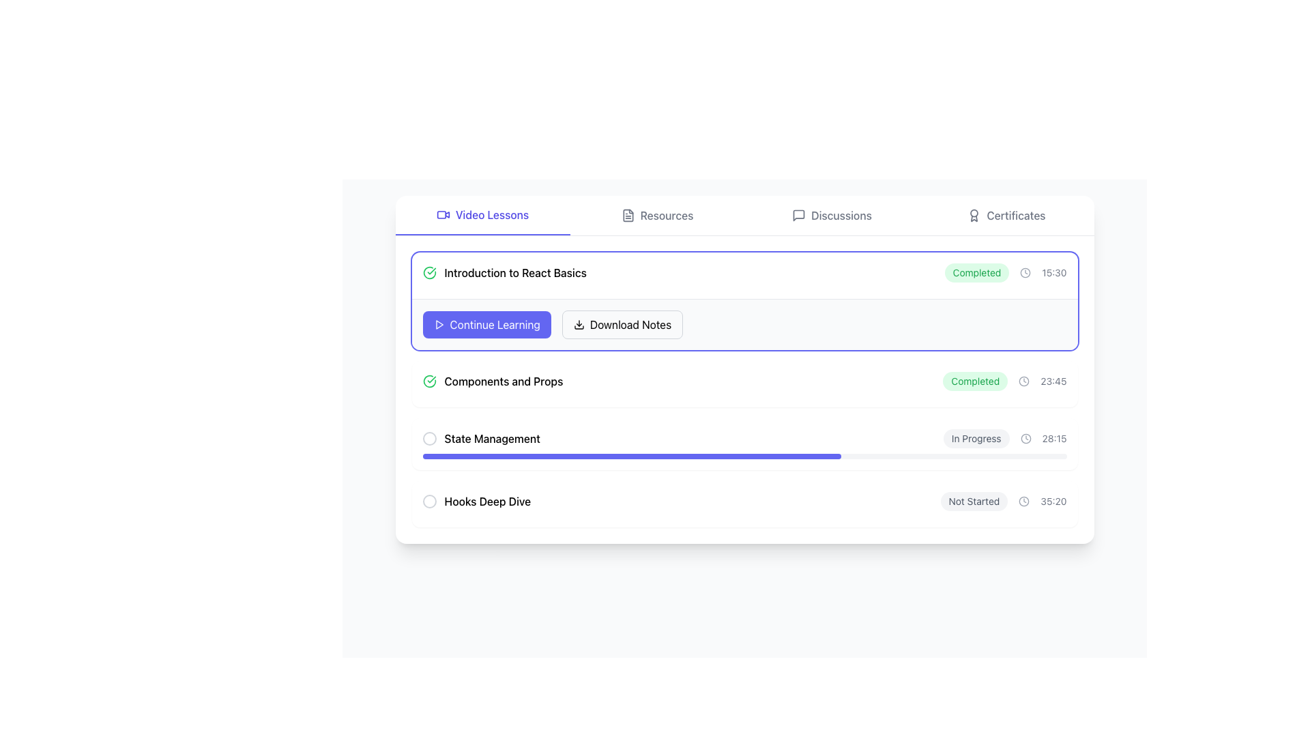 This screenshot has height=737, width=1310. Describe the element at coordinates (841, 215) in the screenshot. I see `the 'Discussions' text label located in the upper-right section of the navigation bar` at that location.